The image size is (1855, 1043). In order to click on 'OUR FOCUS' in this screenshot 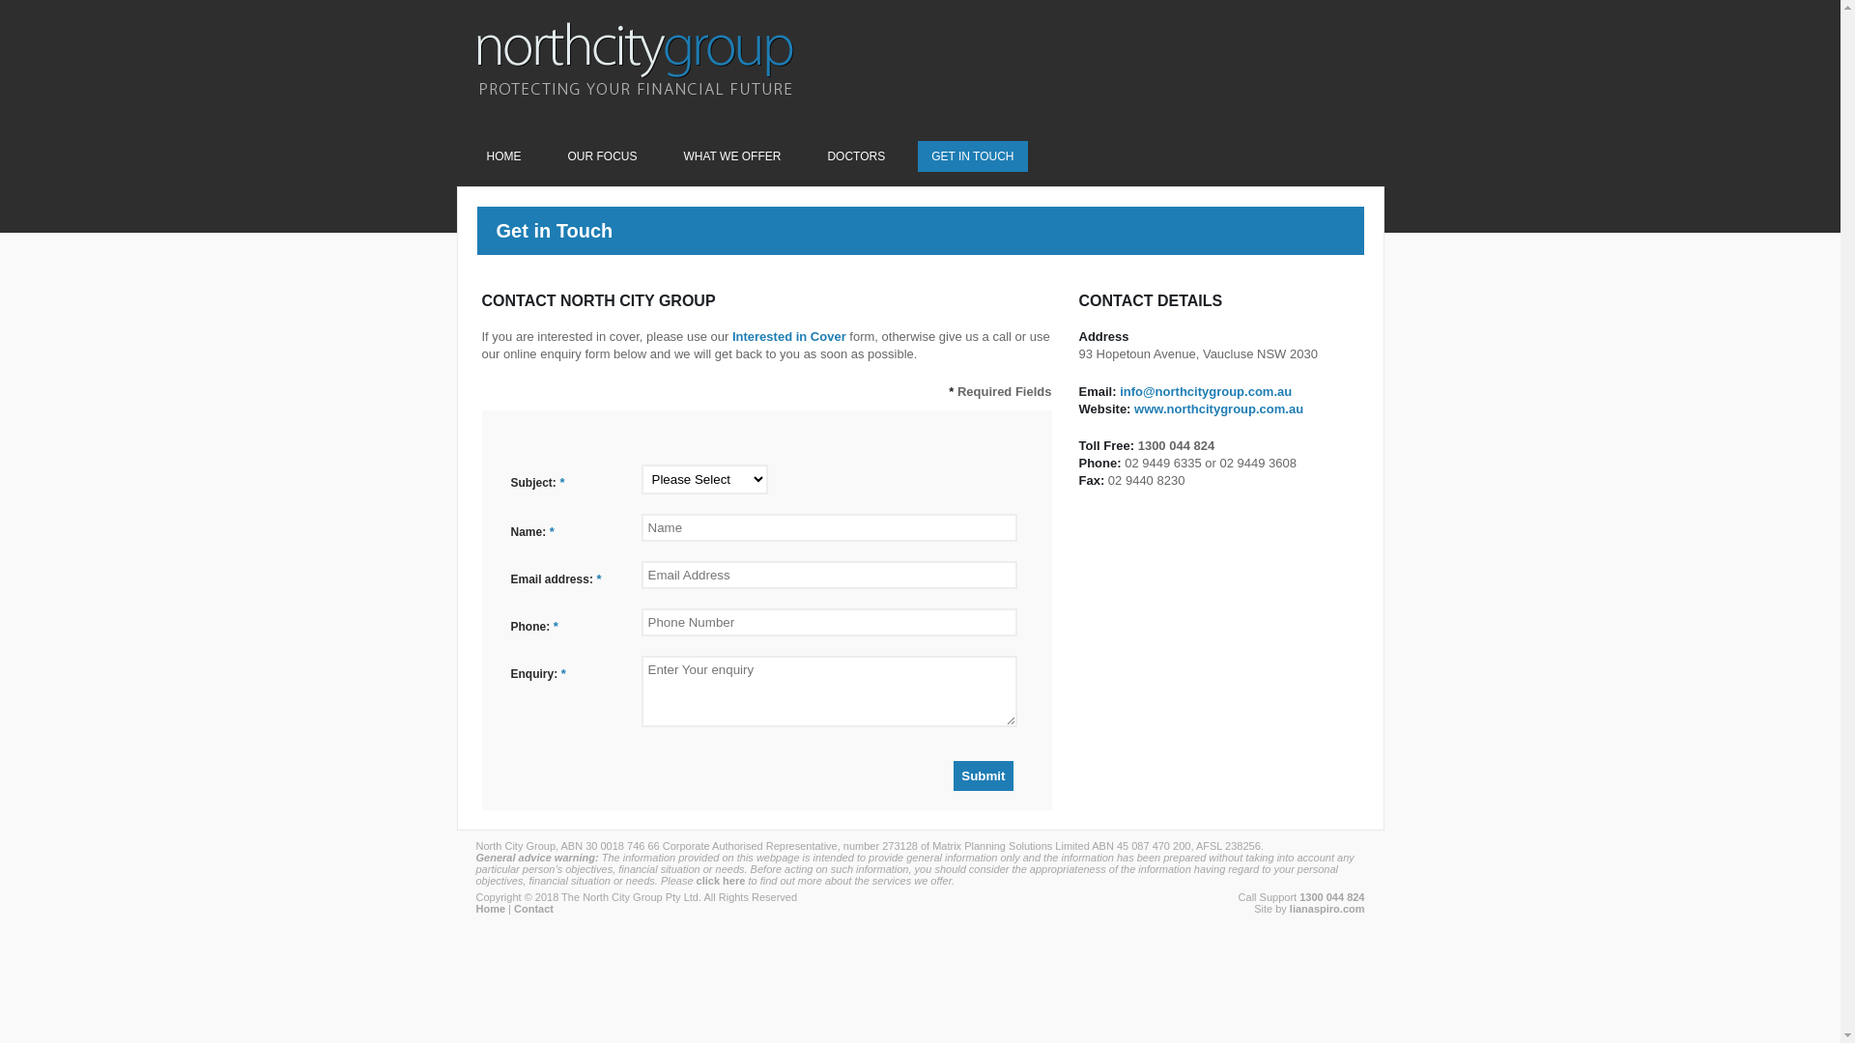, I will do `click(602, 155)`.